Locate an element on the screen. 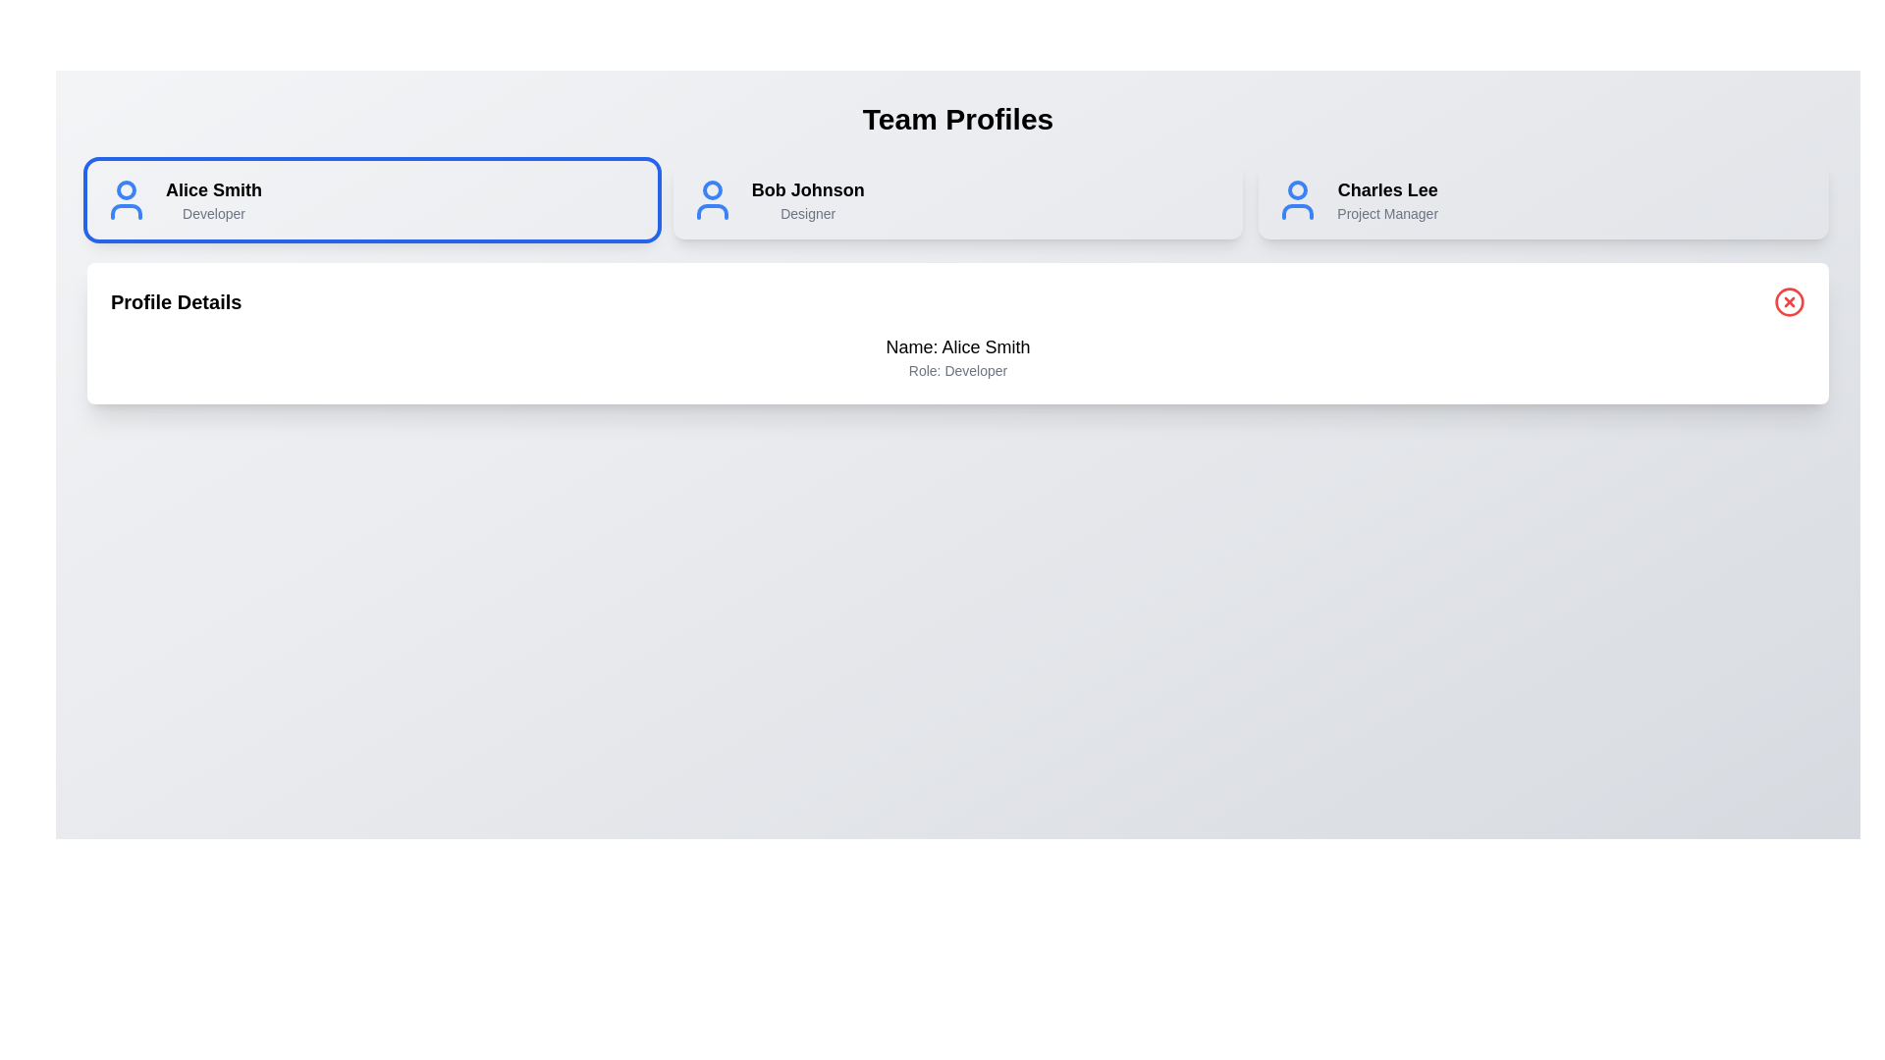  the middle user profile card labeled 'Bob Johnson' with the role 'Designer' in the grid of user profiles is located at coordinates (957, 200).